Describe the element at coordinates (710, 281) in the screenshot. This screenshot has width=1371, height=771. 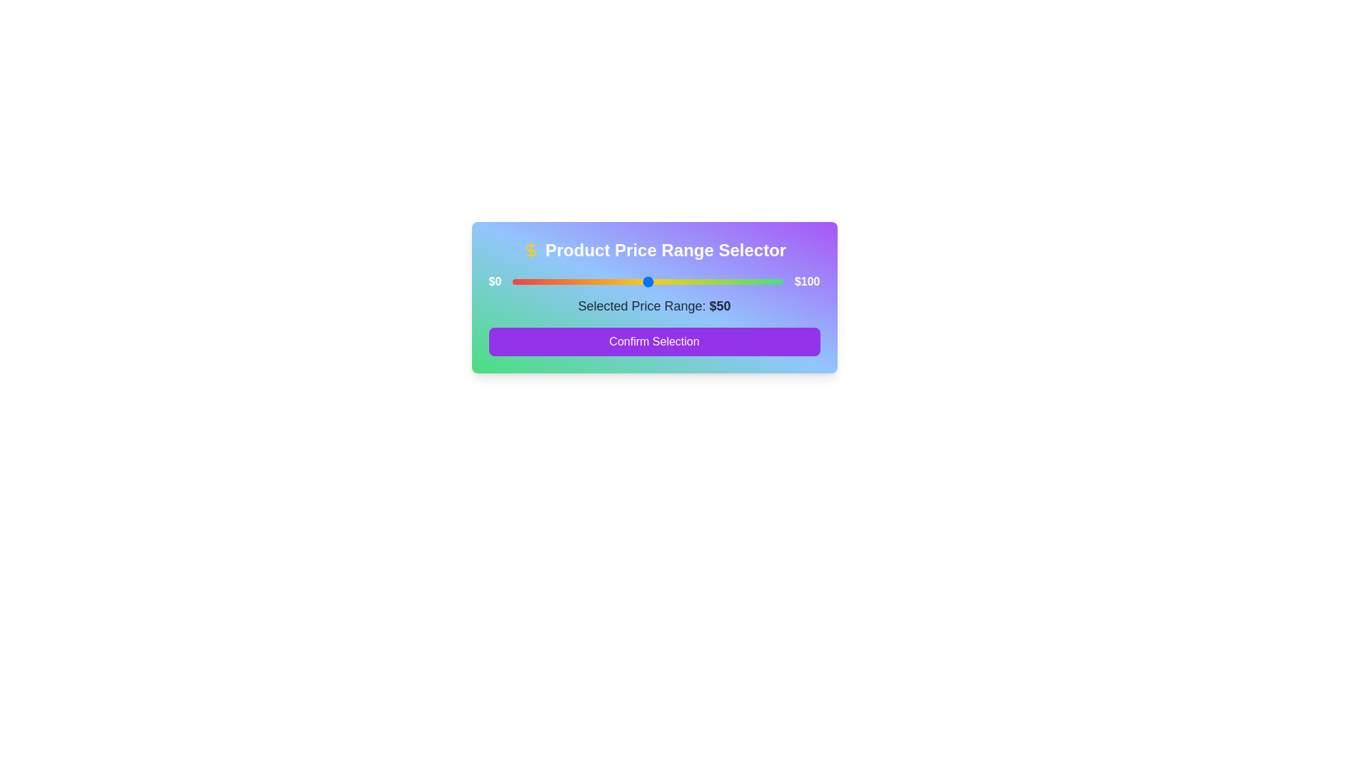
I see `the price range slider to set the value to 73` at that location.